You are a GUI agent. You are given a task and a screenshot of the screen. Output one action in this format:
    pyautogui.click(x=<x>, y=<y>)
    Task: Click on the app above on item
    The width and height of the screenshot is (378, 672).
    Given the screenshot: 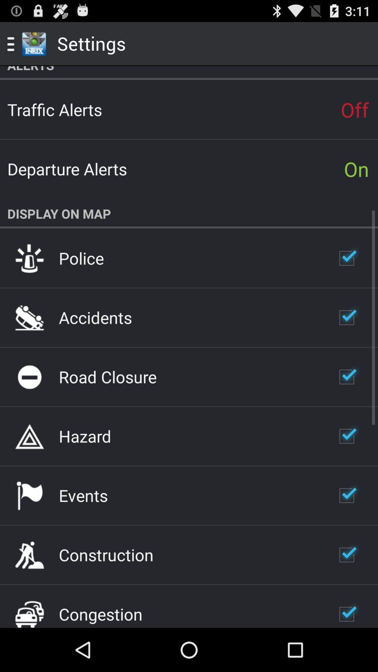 What is the action you would take?
    pyautogui.click(x=355, y=109)
    